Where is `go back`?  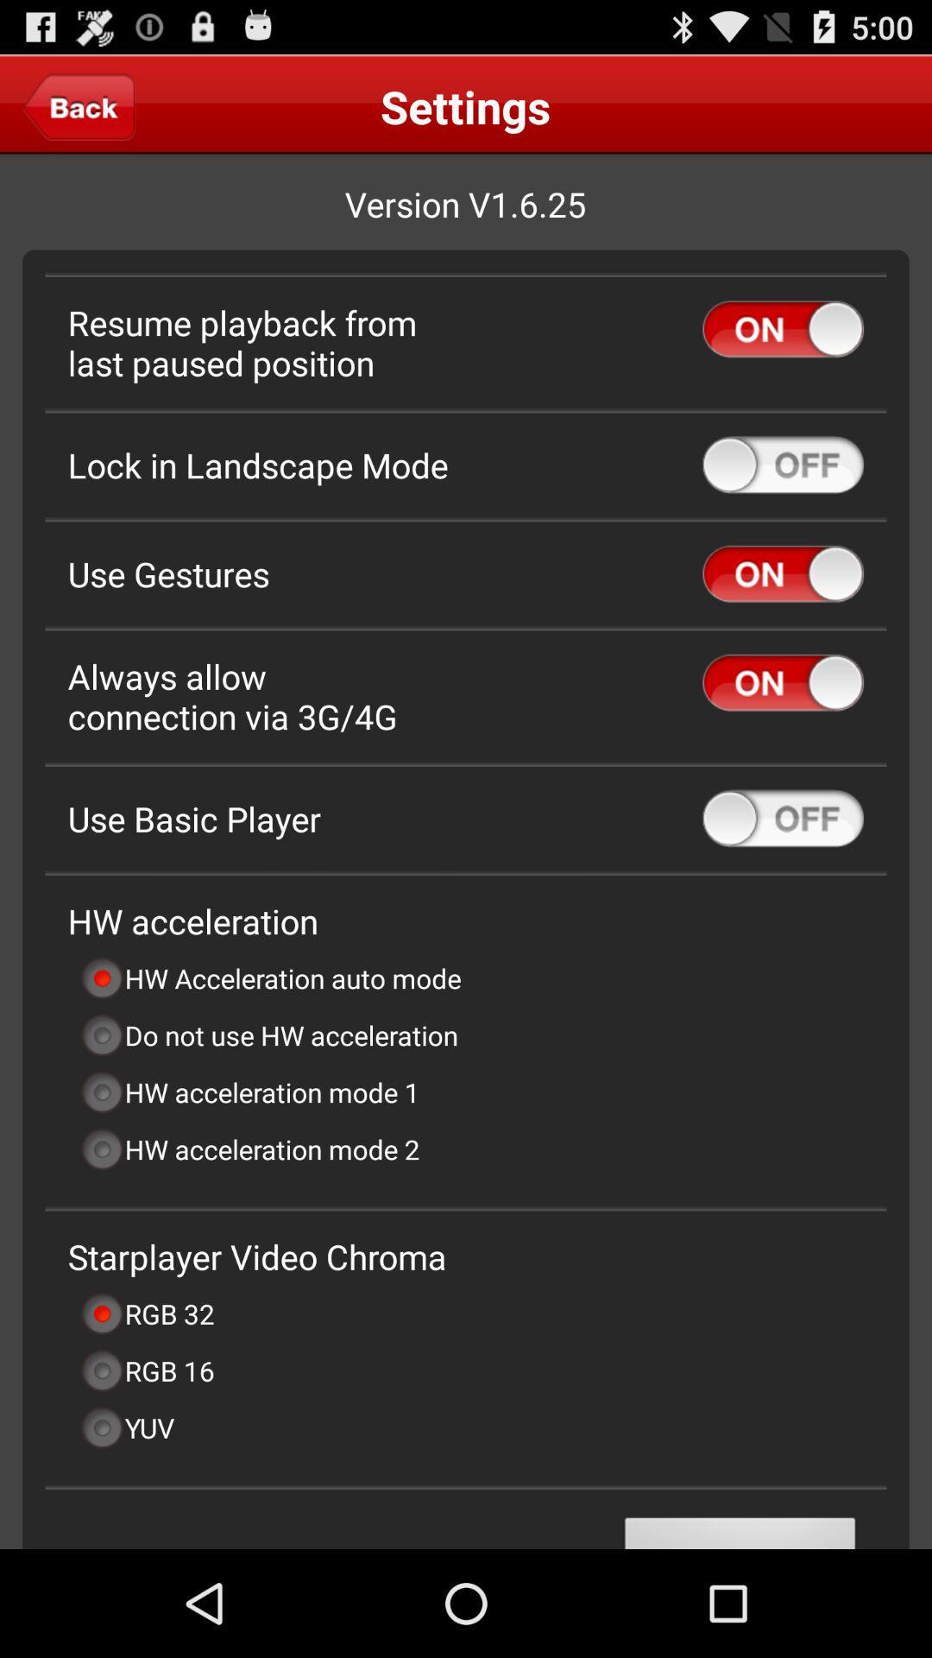 go back is located at coordinates (79, 105).